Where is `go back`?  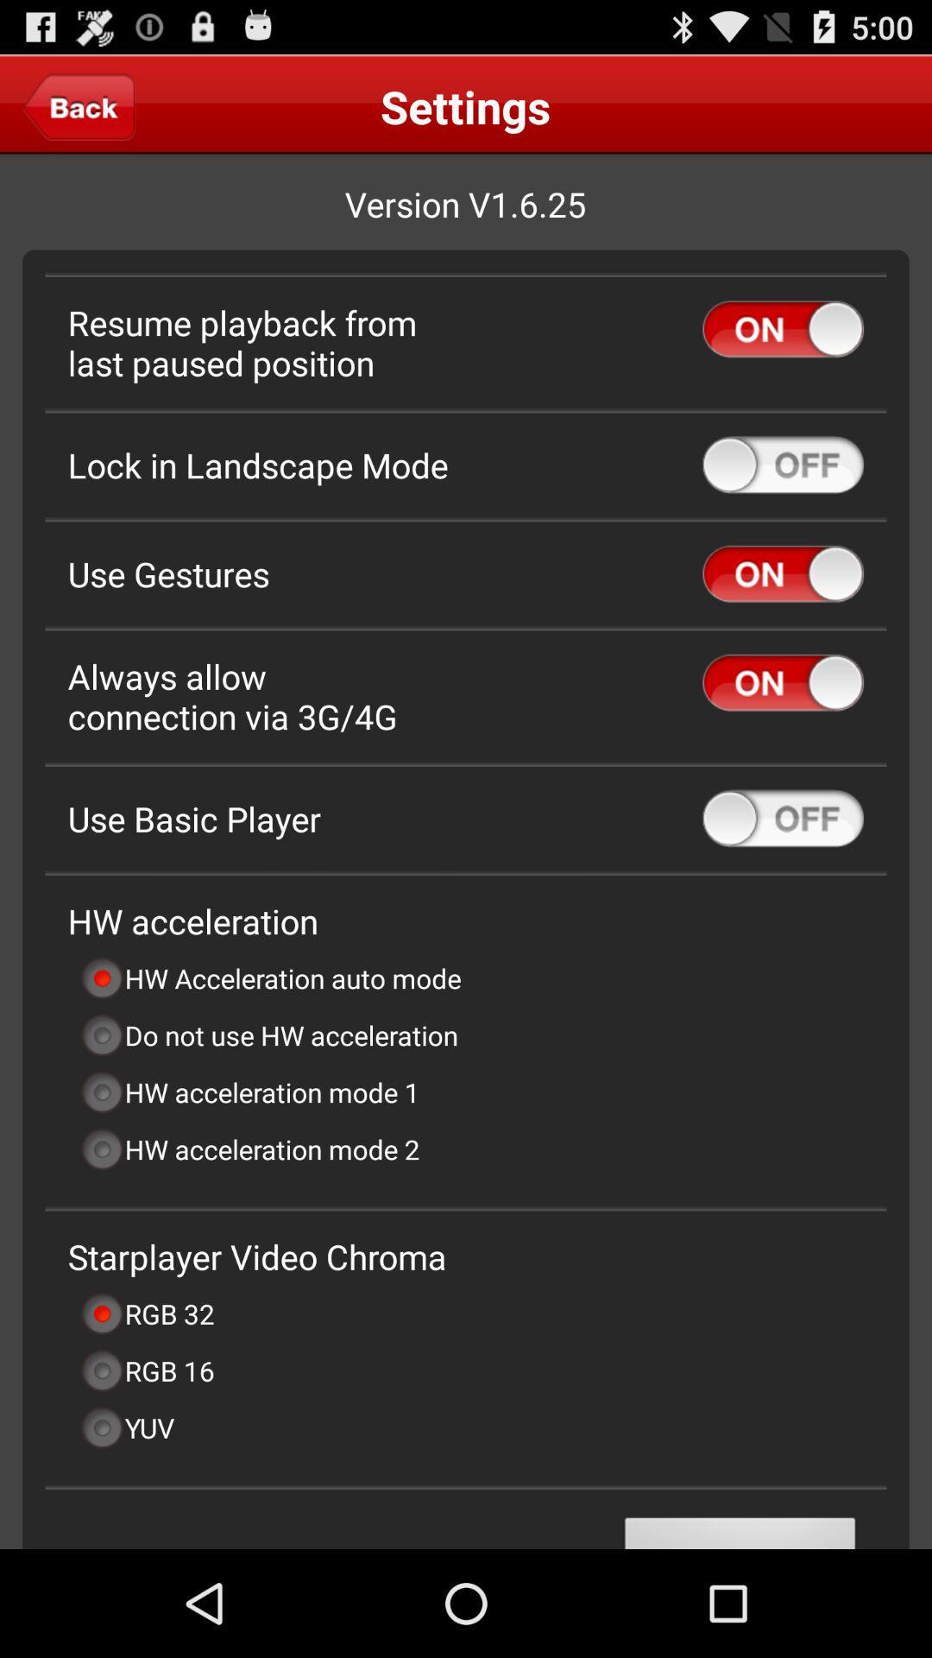 go back is located at coordinates (79, 105).